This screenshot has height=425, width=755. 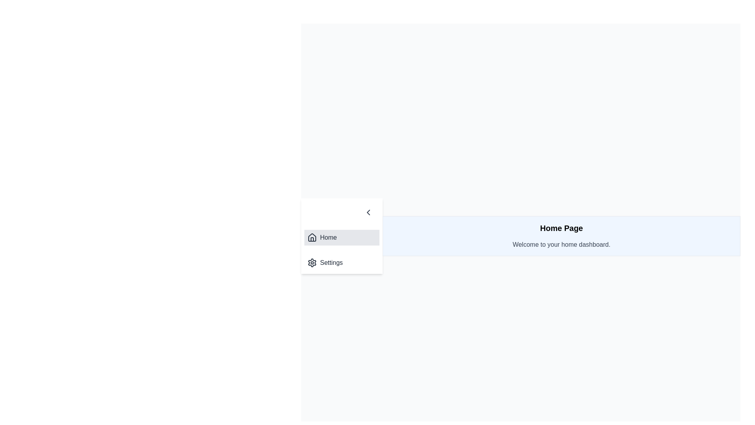 I want to click on the button located at the top-right corner of the sidebar menu, so click(x=368, y=213).